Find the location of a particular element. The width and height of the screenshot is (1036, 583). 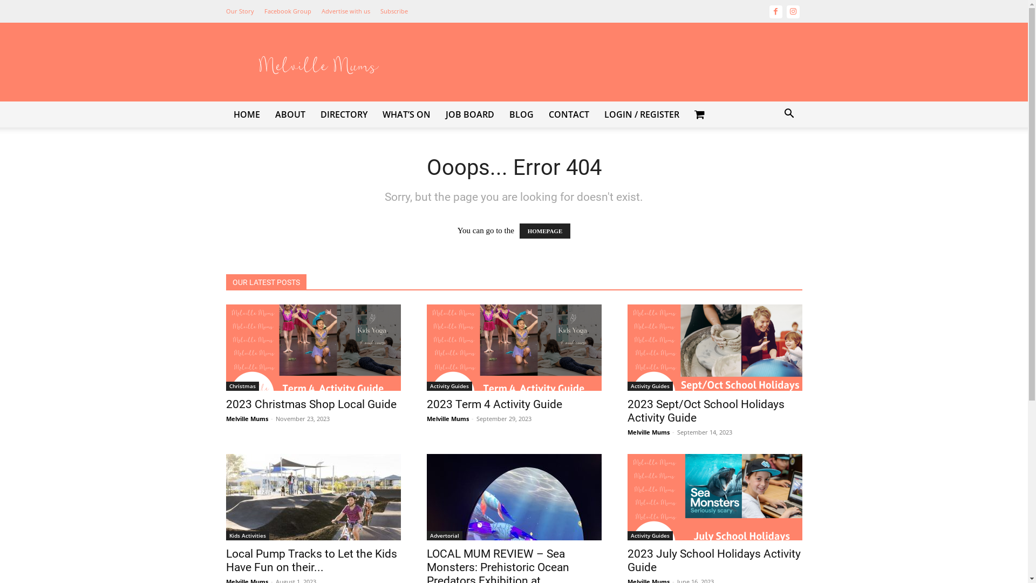

'HOME' is located at coordinates (246, 114).